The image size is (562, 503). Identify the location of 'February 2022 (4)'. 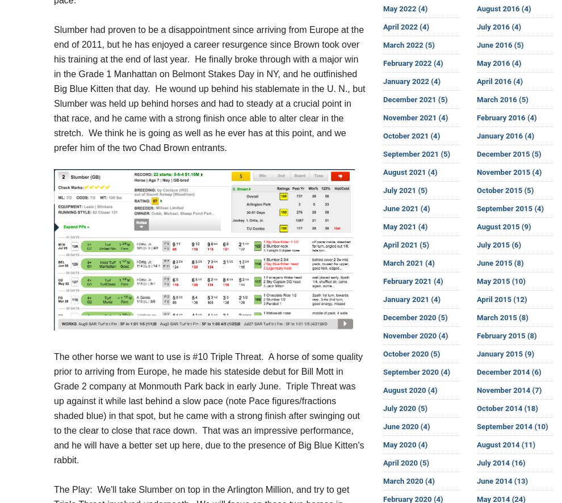
(412, 63).